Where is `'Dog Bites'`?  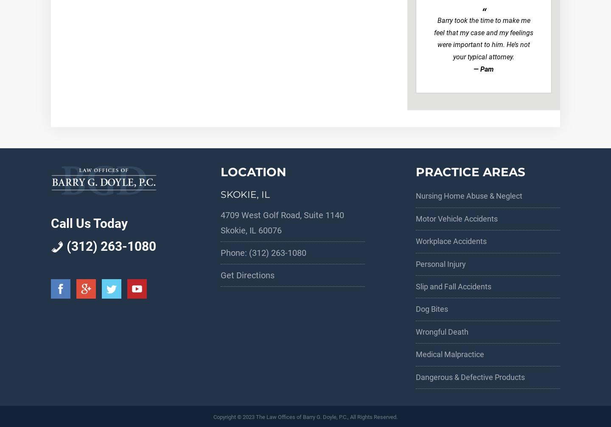 'Dog Bites' is located at coordinates (431, 309).